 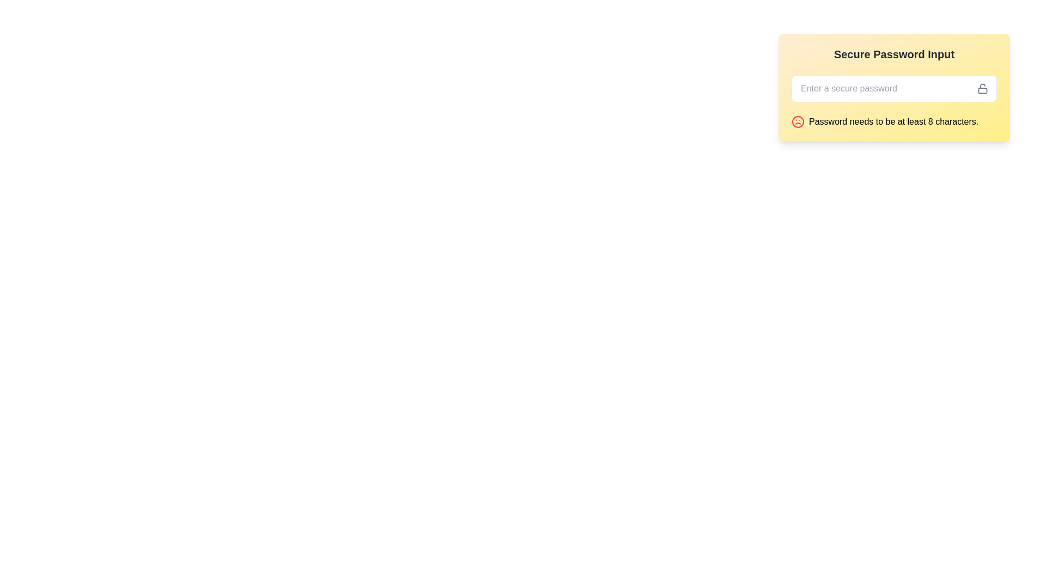 What do you see at coordinates (894, 88) in the screenshot?
I see `the secure password input field located within the yellow gradient box titled 'Secure Password Input'` at bounding box center [894, 88].